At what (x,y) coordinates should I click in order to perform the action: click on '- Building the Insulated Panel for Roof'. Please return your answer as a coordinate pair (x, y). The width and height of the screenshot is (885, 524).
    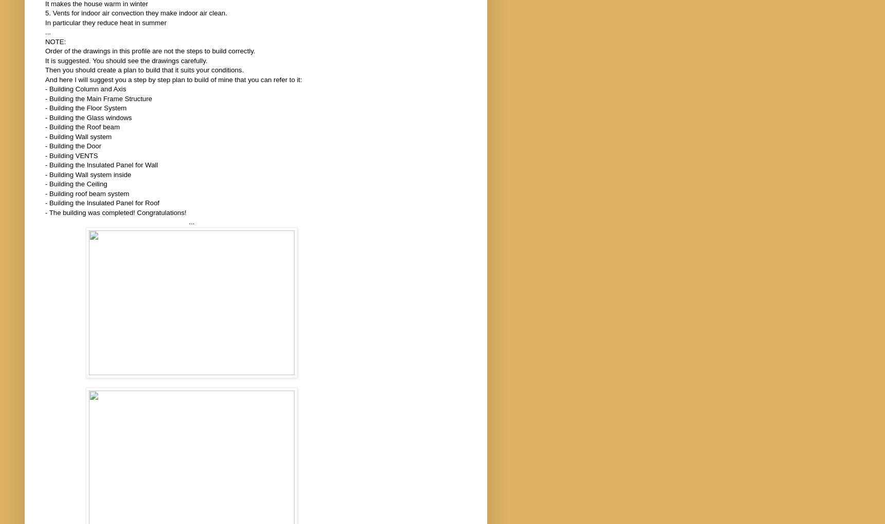
    Looking at the image, I should click on (102, 202).